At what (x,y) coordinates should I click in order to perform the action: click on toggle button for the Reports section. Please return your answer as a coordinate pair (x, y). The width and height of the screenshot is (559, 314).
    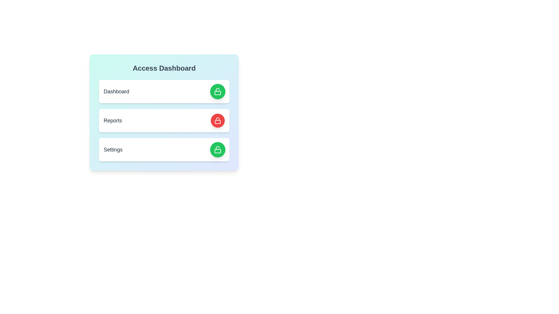
    Looking at the image, I should click on (217, 120).